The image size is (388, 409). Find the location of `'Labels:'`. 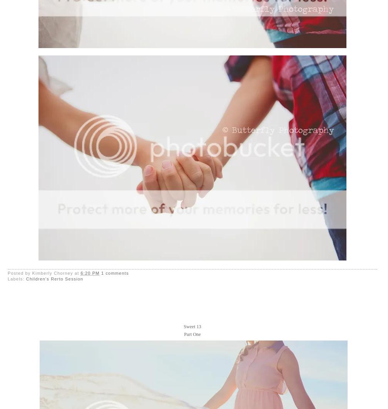

'Labels:' is located at coordinates (7, 278).